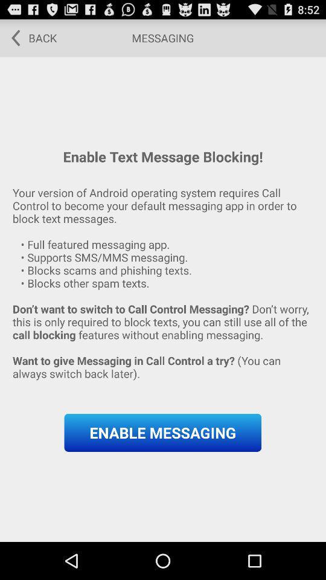 The width and height of the screenshot is (326, 580). I want to click on the item next to the messaging item, so click(30, 37).